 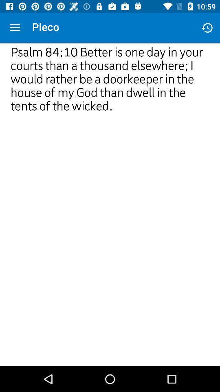 I want to click on item next to pleco item, so click(x=15, y=28).